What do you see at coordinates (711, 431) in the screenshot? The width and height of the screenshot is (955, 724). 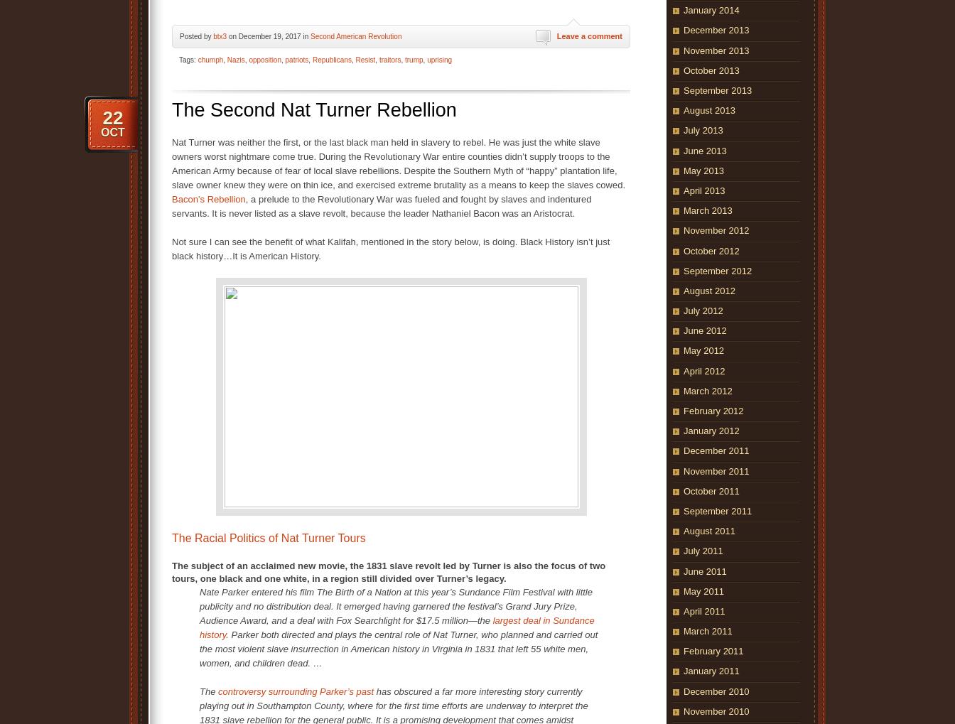 I see `'January 2012'` at bounding box center [711, 431].